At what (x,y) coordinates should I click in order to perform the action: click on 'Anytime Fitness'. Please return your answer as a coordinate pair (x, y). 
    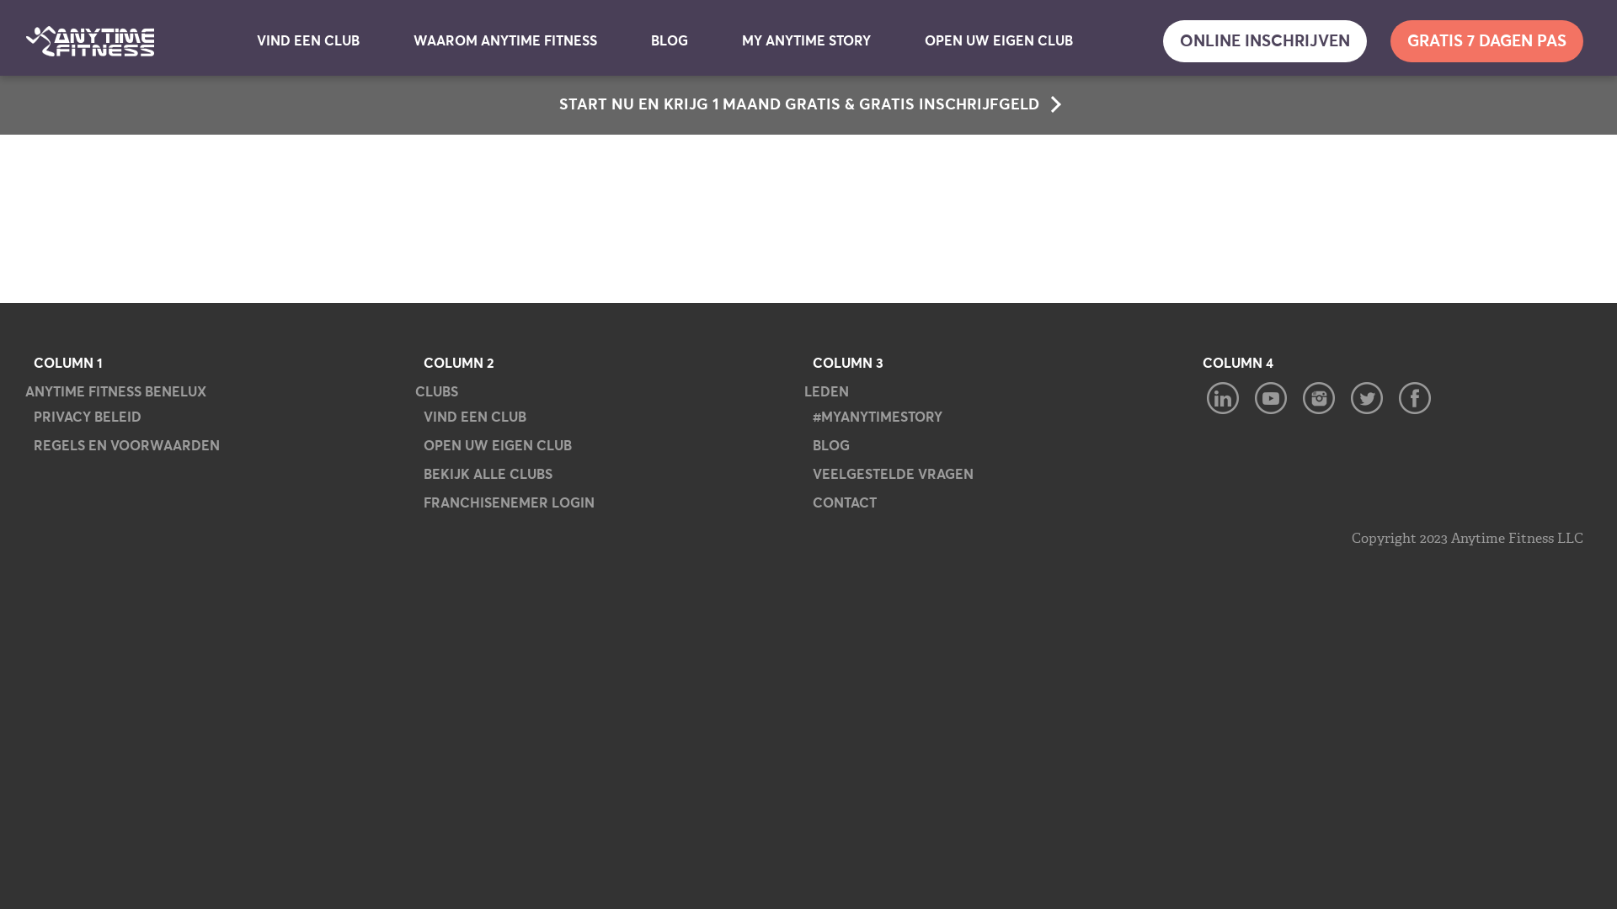
    Looking at the image, I should click on (25, 40).